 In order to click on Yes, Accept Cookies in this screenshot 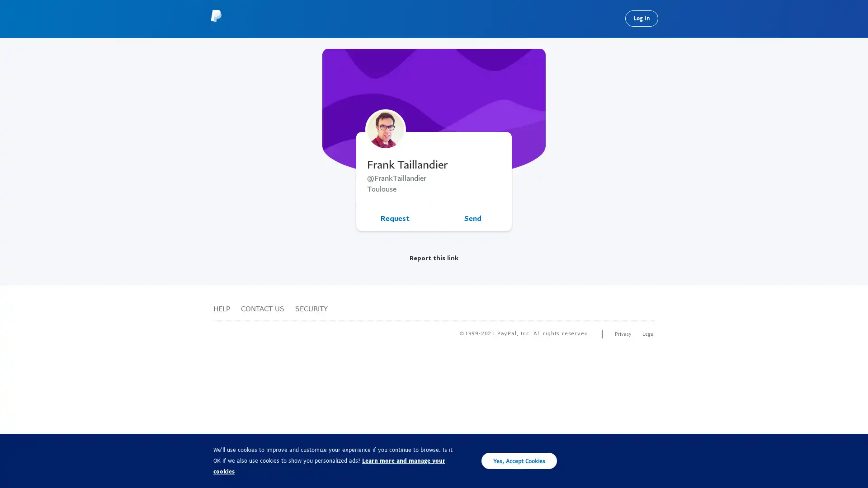, I will do `click(519, 460)`.